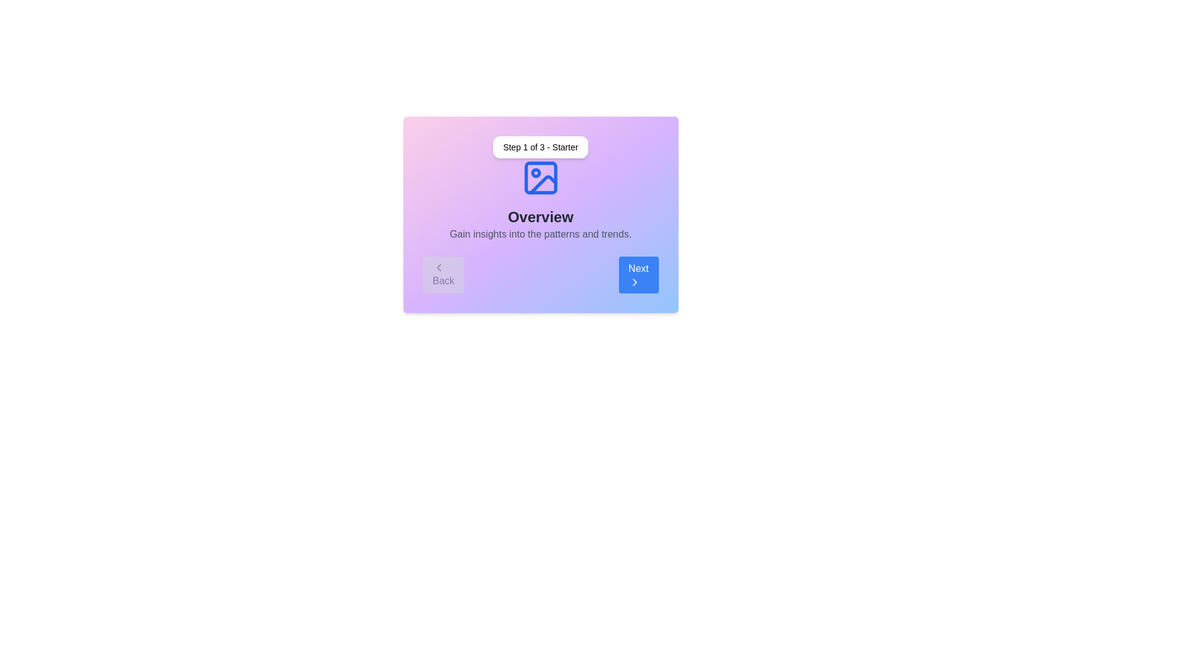 Image resolution: width=1179 pixels, height=663 pixels. Describe the element at coordinates (639, 274) in the screenshot. I see `'Next' button to navigate to the next step in the stepper` at that location.